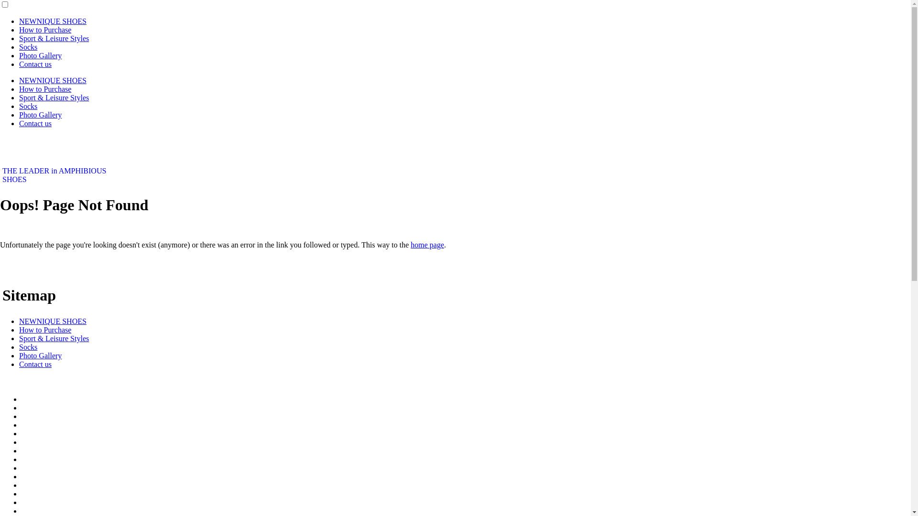 This screenshot has height=516, width=918. What do you see at coordinates (28, 106) in the screenshot?
I see `'Socks'` at bounding box center [28, 106].